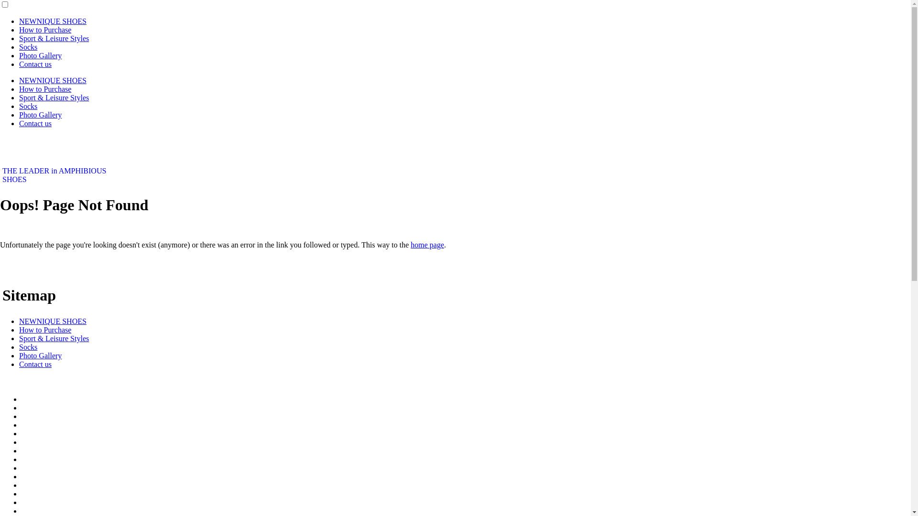 This screenshot has height=516, width=918. What do you see at coordinates (28, 106) in the screenshot?
I see `'Socks'` at bounding box center [28, 106].